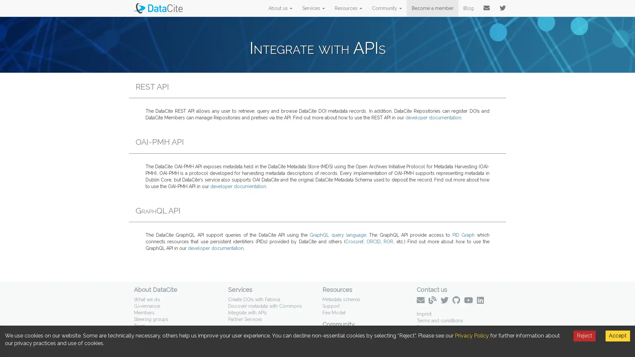 The height and width of the screenshot is (357, 635). What do you see at coordinates (584, 336) in the screenshot?
I see `Decline cookies` at bounding box center [584, 336].